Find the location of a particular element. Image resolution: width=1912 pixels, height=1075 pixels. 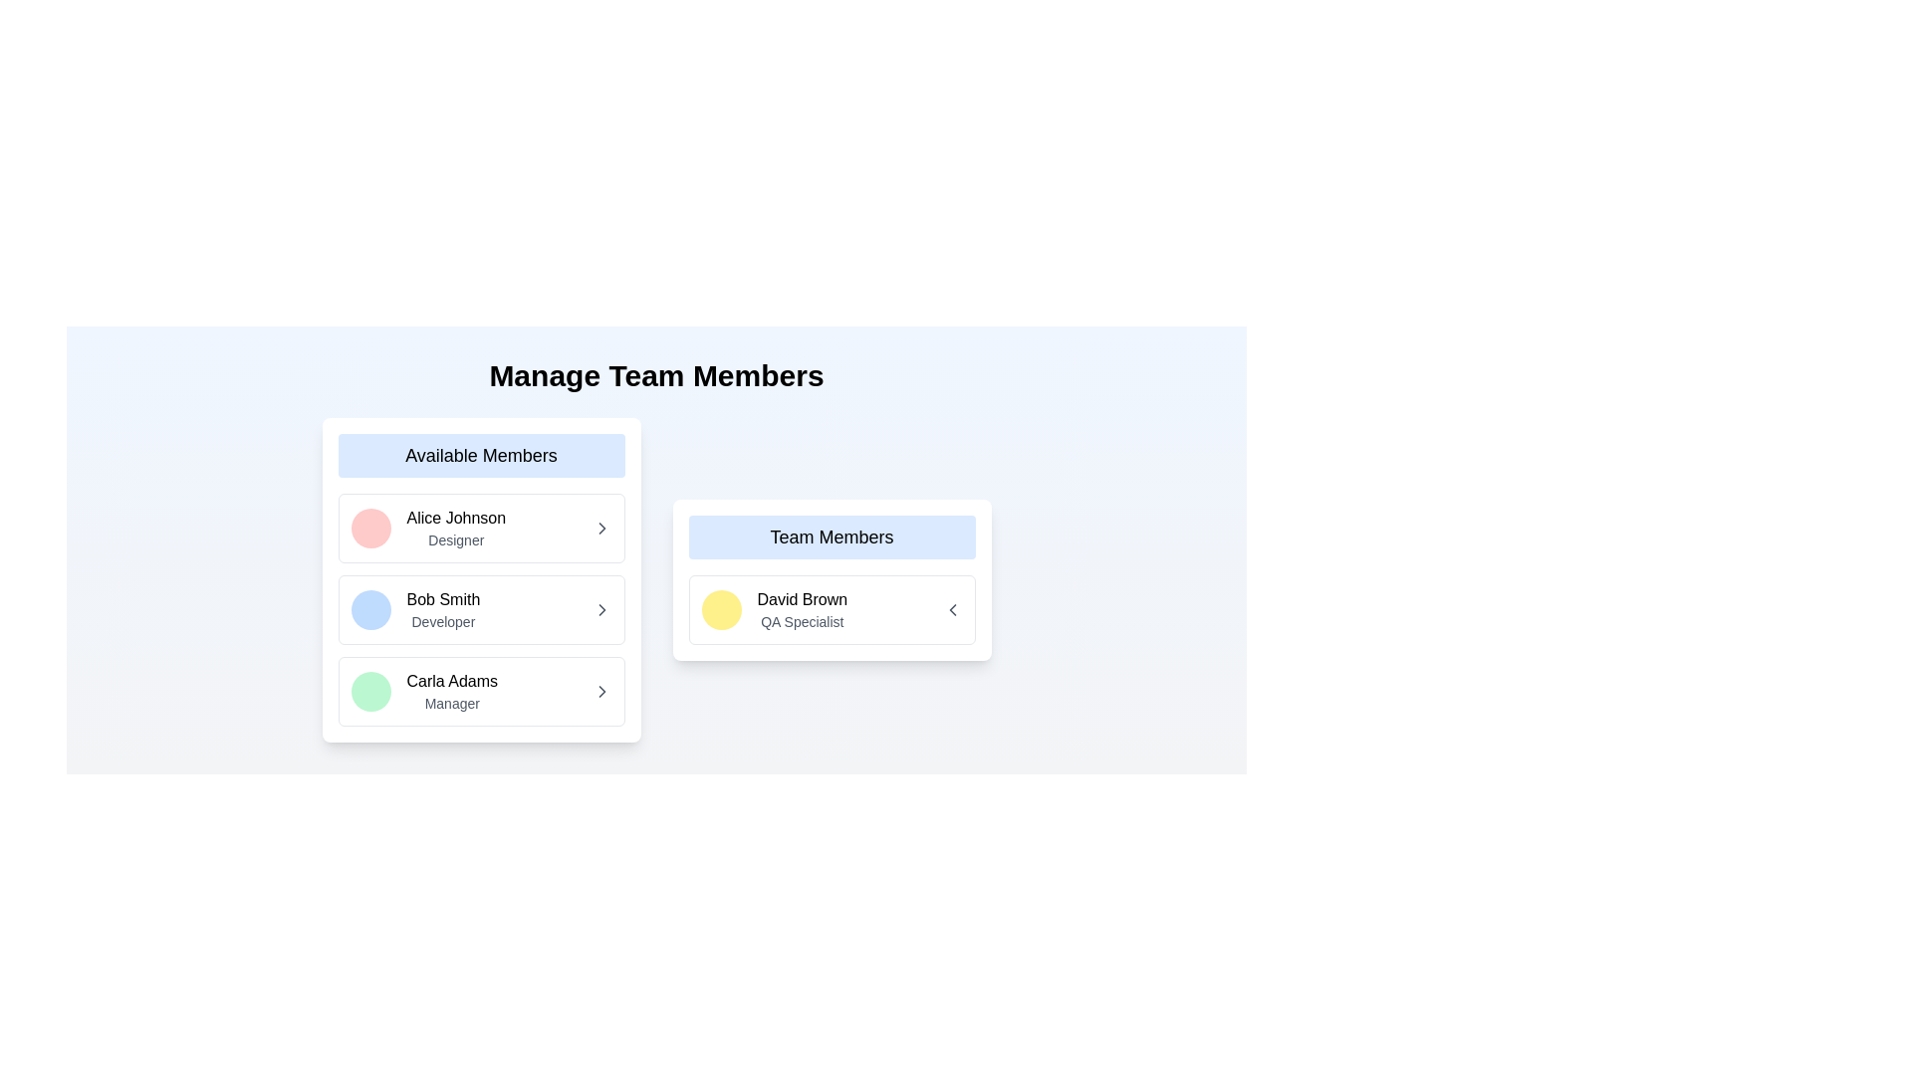

the second list item of team members, which displays 'Bob Smith' as the name and 'Developer' as the role, to emphasize it or view additional options is located at coordinates (481, 609).